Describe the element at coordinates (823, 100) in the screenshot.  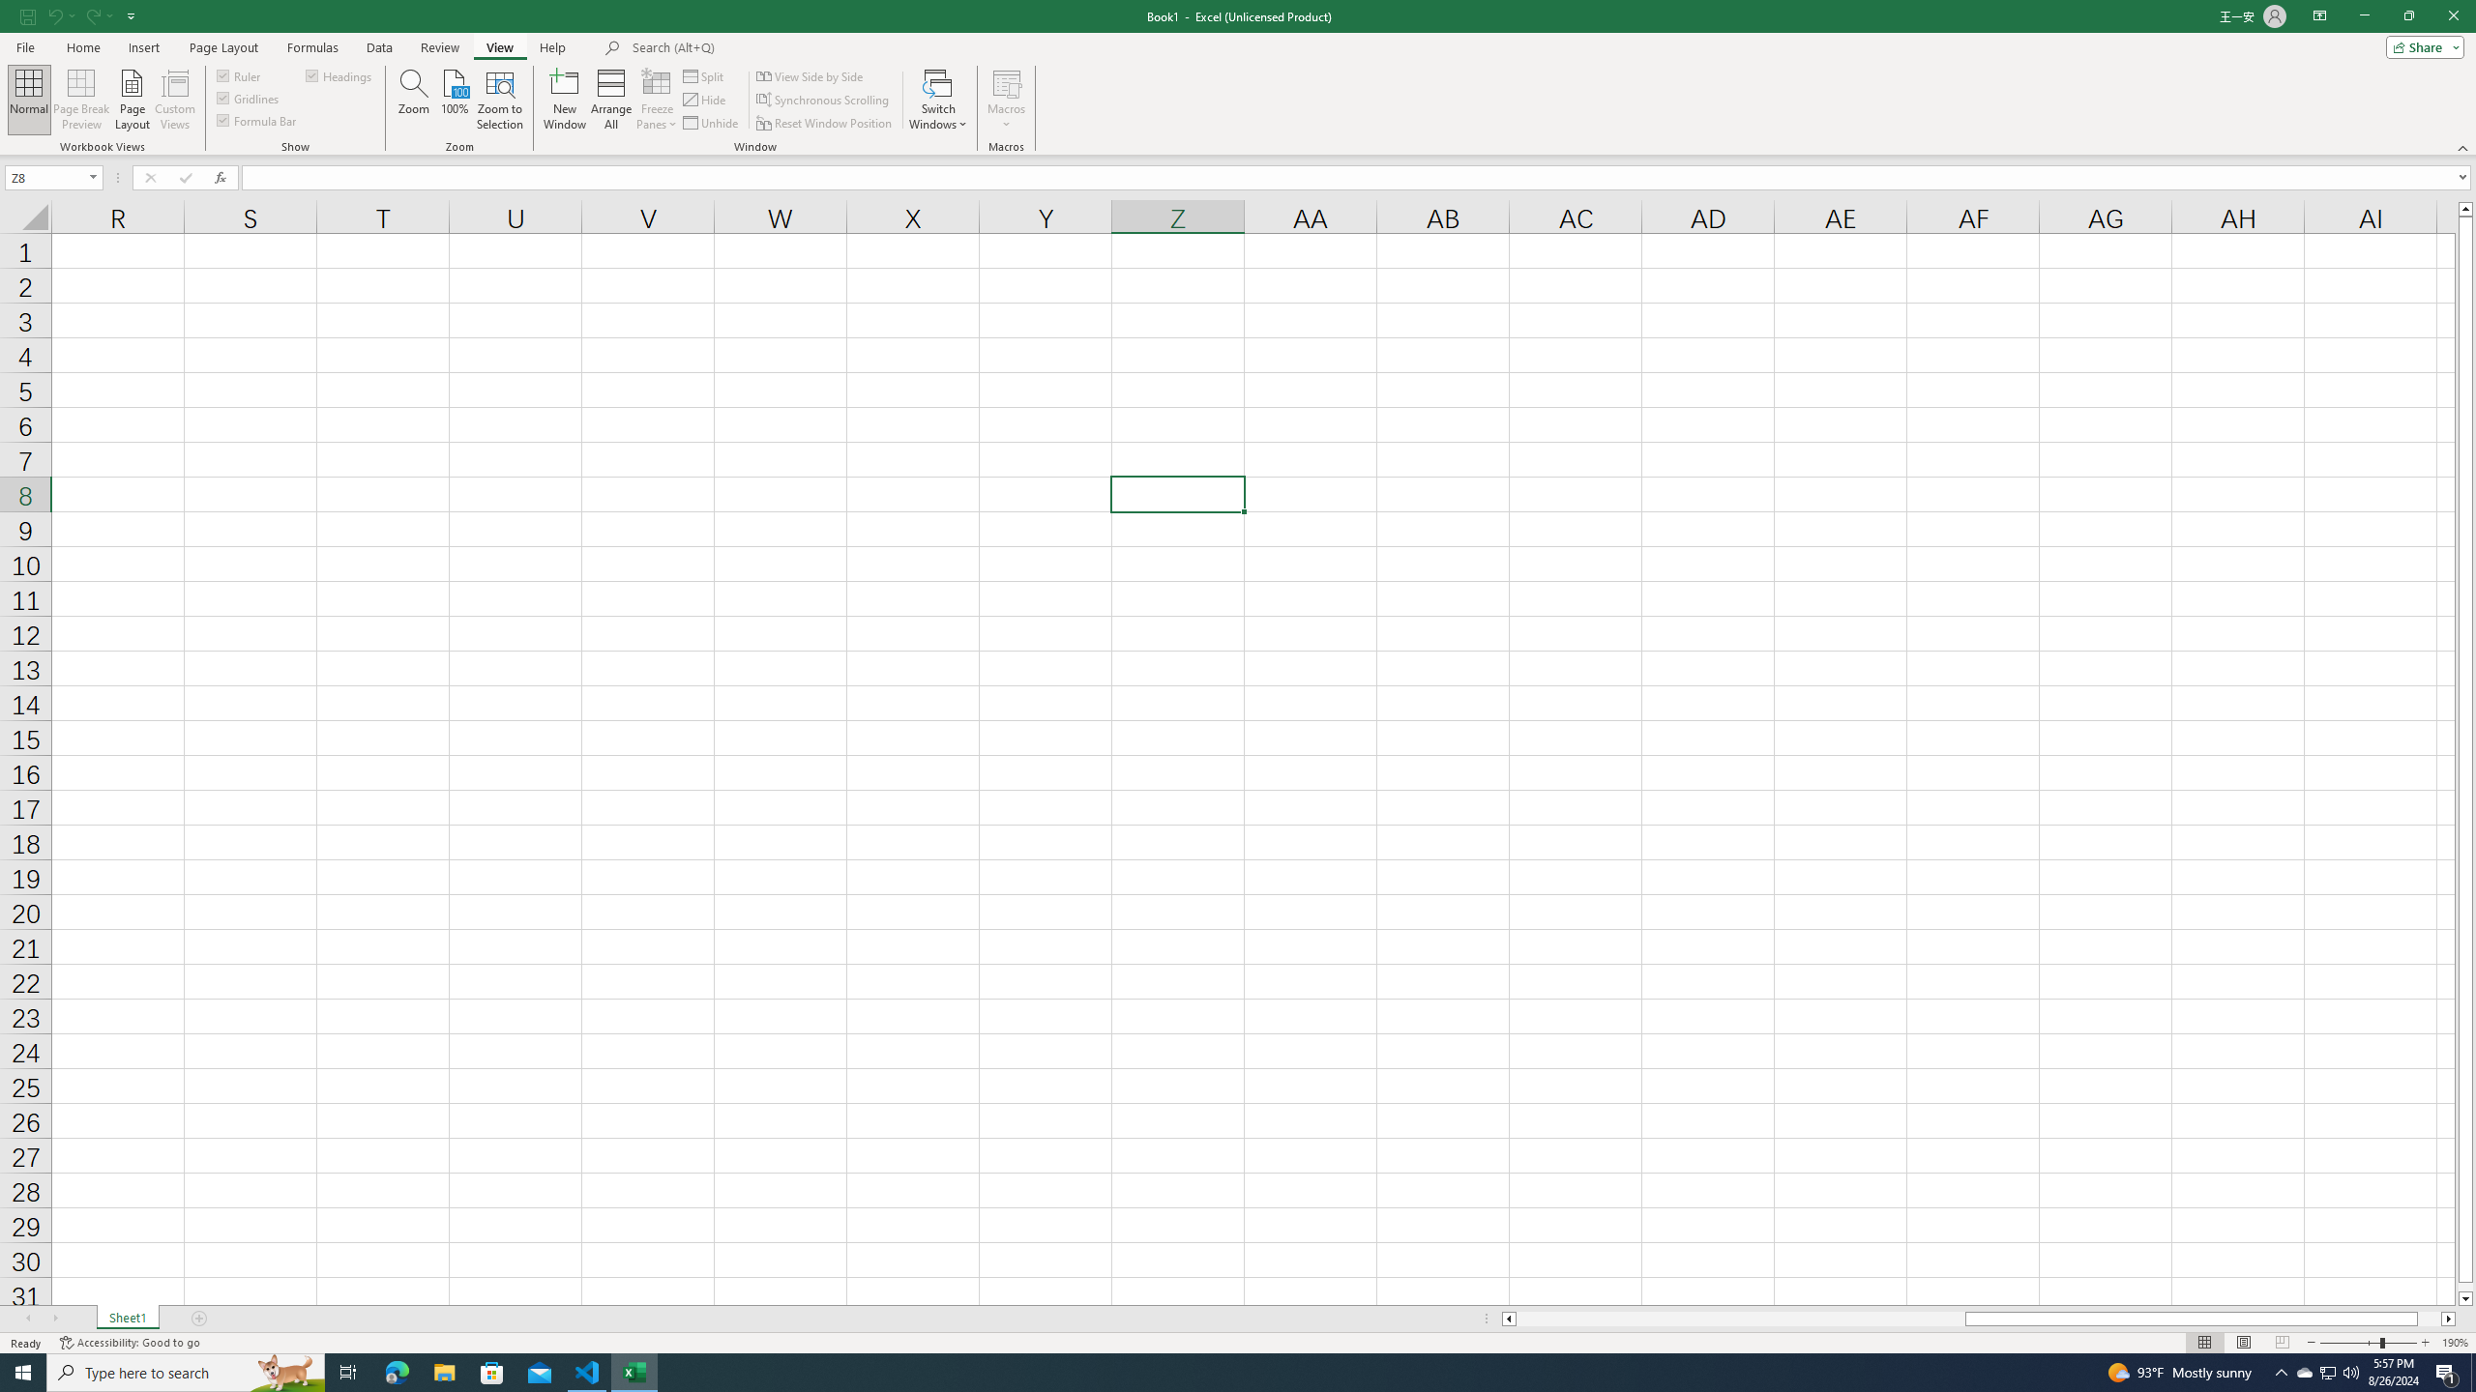
I see `'Synchronous Scrolling'` at that location.